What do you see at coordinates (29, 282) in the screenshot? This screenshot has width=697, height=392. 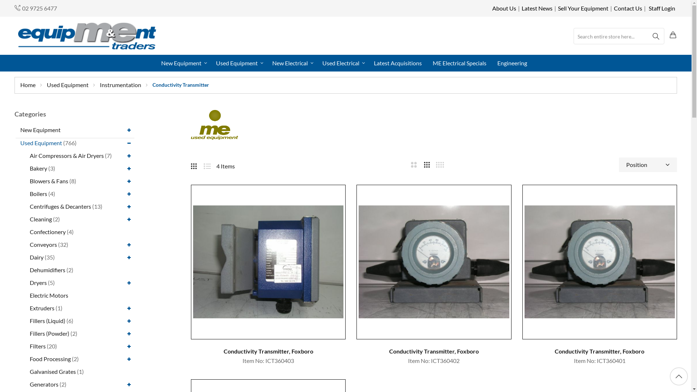 I see `'Dryers'` at bounding box center [29, 282].